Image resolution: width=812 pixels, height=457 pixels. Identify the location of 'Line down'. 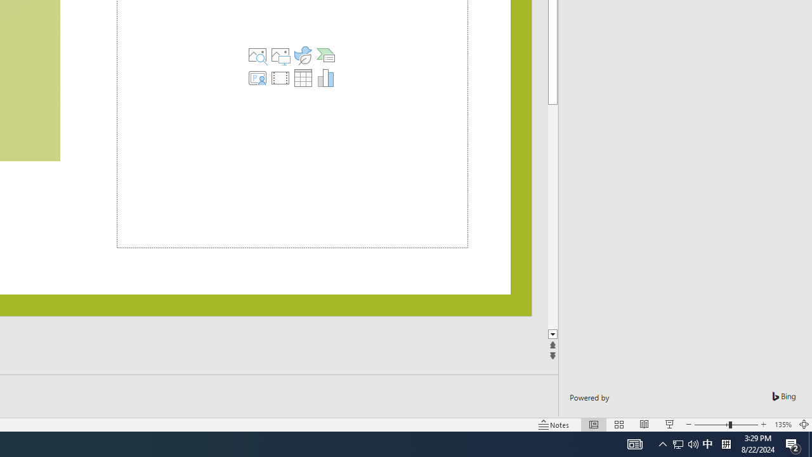
(554, 334).